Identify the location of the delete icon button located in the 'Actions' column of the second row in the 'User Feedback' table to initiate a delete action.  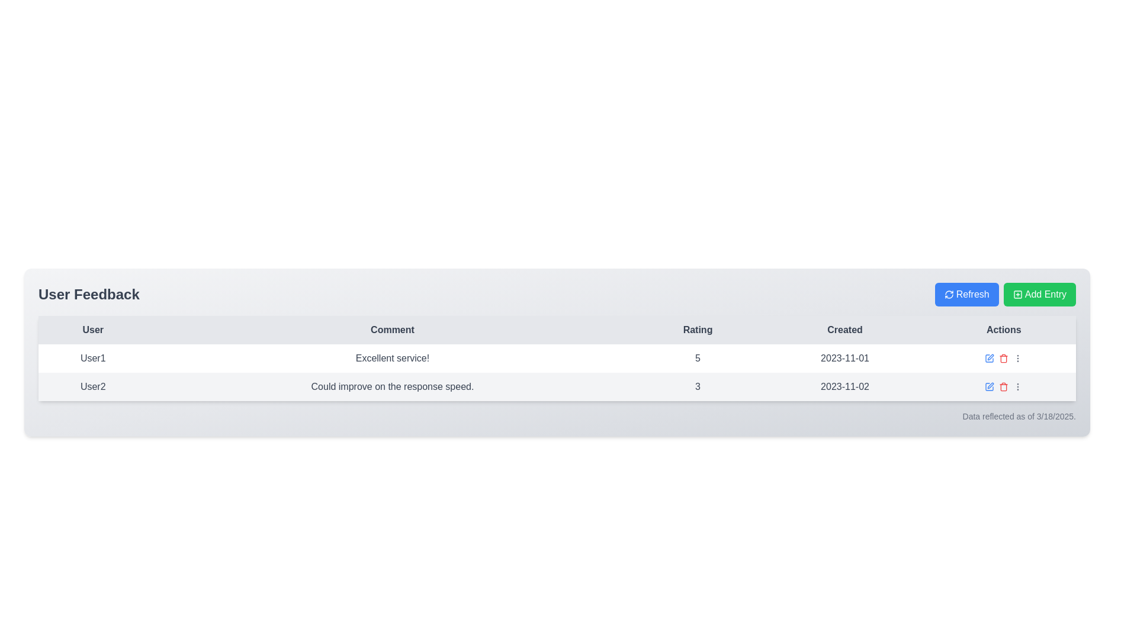
(1003, 387).